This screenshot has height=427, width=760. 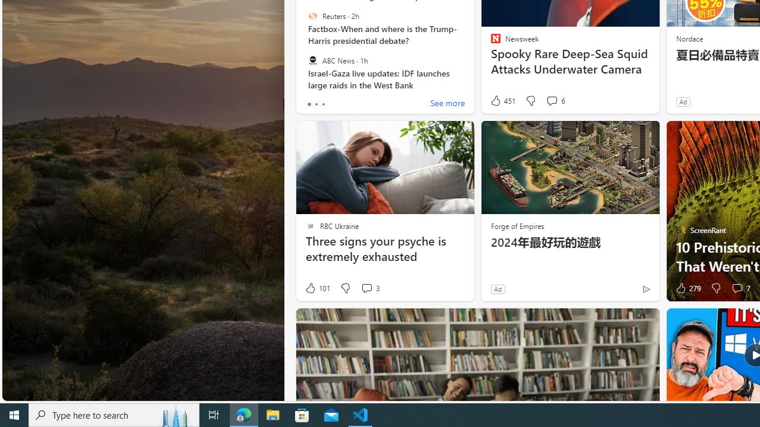 What do you see at coordinates (312, 16) in the screenshot?
I see `'Reuters'` at bounding box center [312, 16].